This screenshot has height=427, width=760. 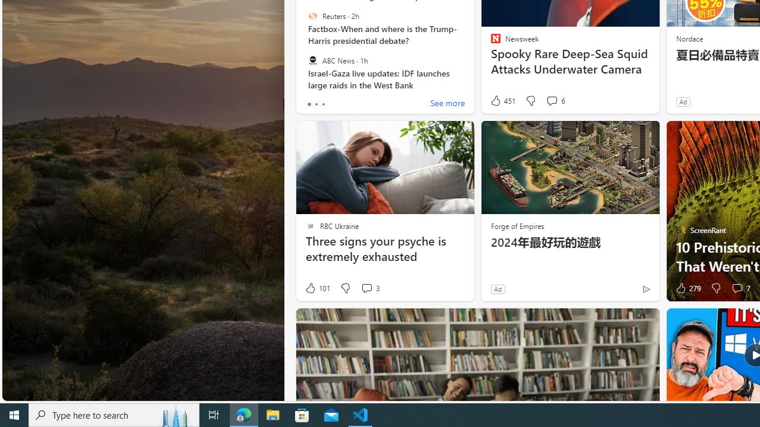 What do you see at coordinates (312, 16) in the screenshot?
I see `'Reuters'` at bounding box center [312, 16].